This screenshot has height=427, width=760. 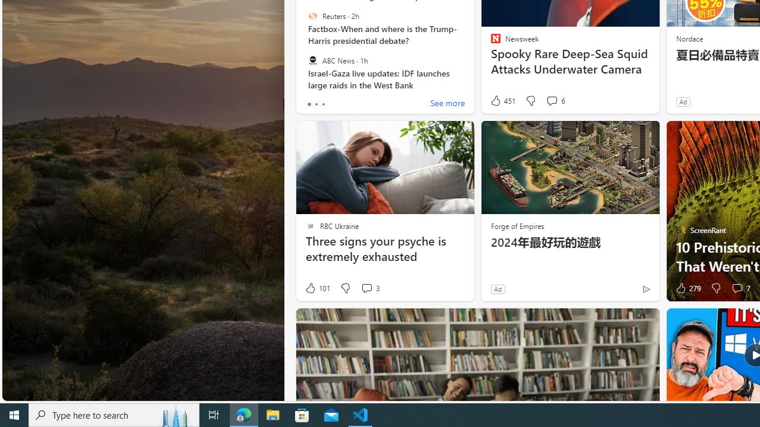 What do you see at coordinates (312, 16) in the screenshot?
I see `'Reuters'` at bounding box center [312, 16].